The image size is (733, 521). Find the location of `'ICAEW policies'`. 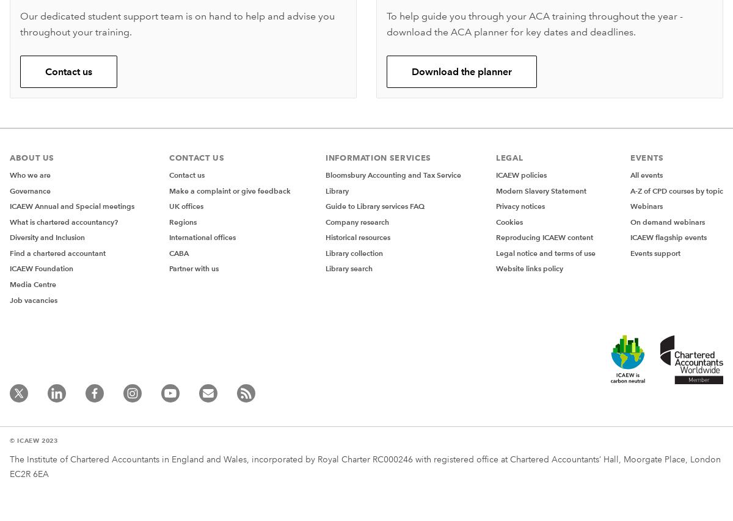

'ICAEW policies' is located at coordinates (495, 173).